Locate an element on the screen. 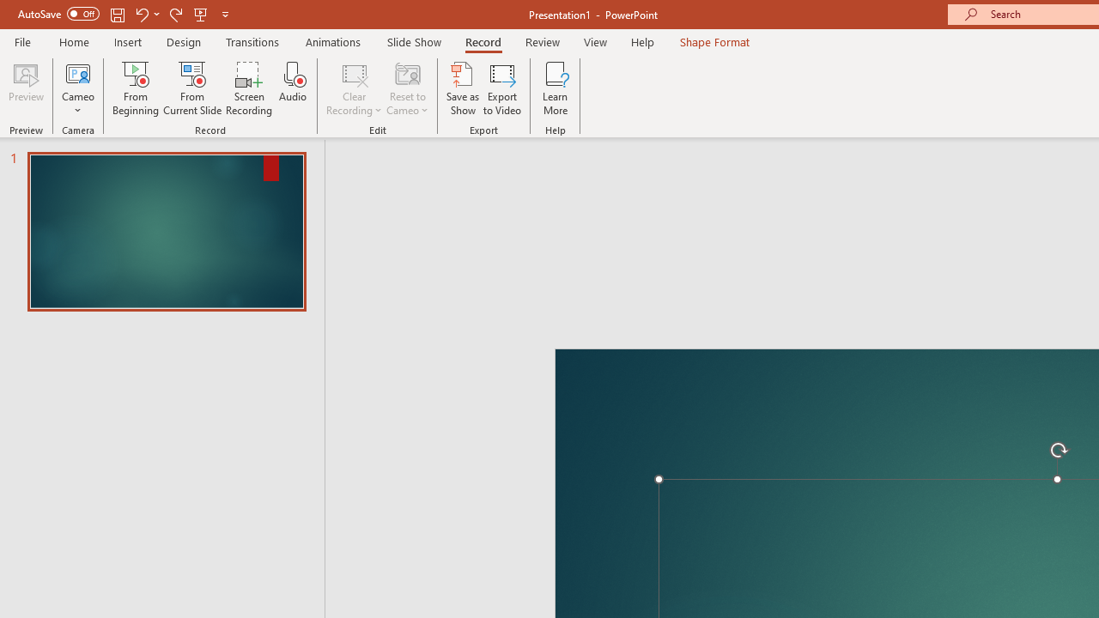 This screenshot has width=1099, height=618. 'Slide' is located at coordinates (167, 232).